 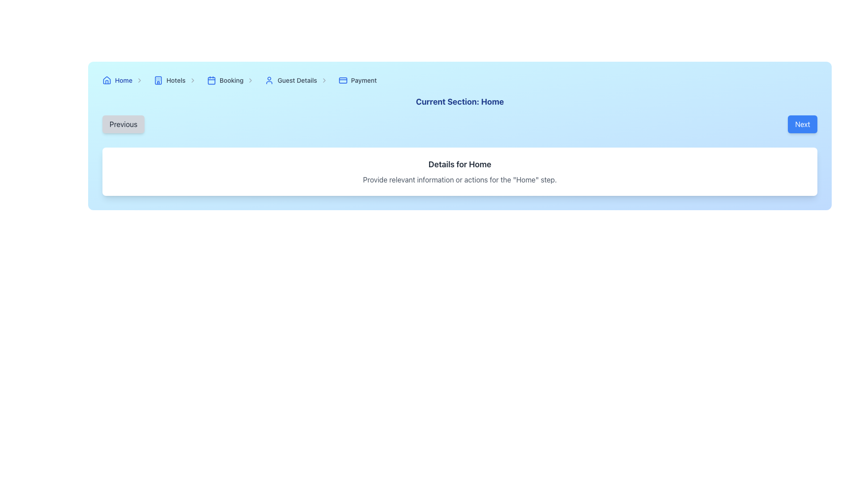 I want to click on the hotel icon, which is a blue silhouette of a building located near the 'Hotels' label in the top bar navigation section, so click(x=158, y=80).